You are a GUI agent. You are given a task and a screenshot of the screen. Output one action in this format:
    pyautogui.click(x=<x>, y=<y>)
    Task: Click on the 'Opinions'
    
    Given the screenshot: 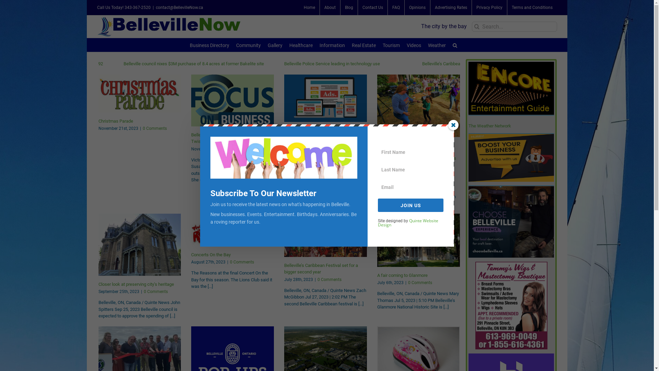 What is the action you would take?
    pyautogui.click(x=416, y=8)
    